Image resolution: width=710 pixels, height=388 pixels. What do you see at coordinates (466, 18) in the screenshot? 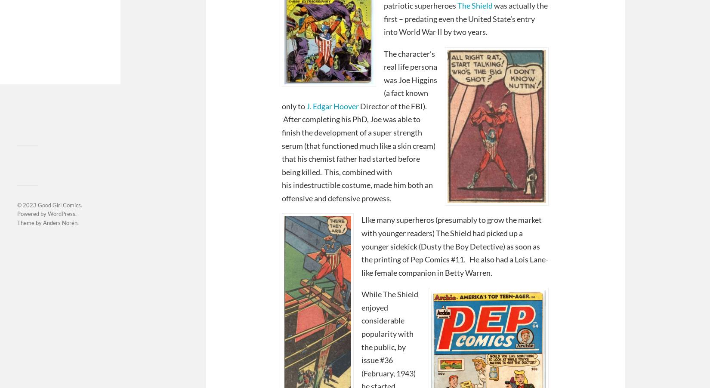
I see `'was actually the first – predating even the United State’s entry into World War II by two years.'` at bounding box center [466, 18].